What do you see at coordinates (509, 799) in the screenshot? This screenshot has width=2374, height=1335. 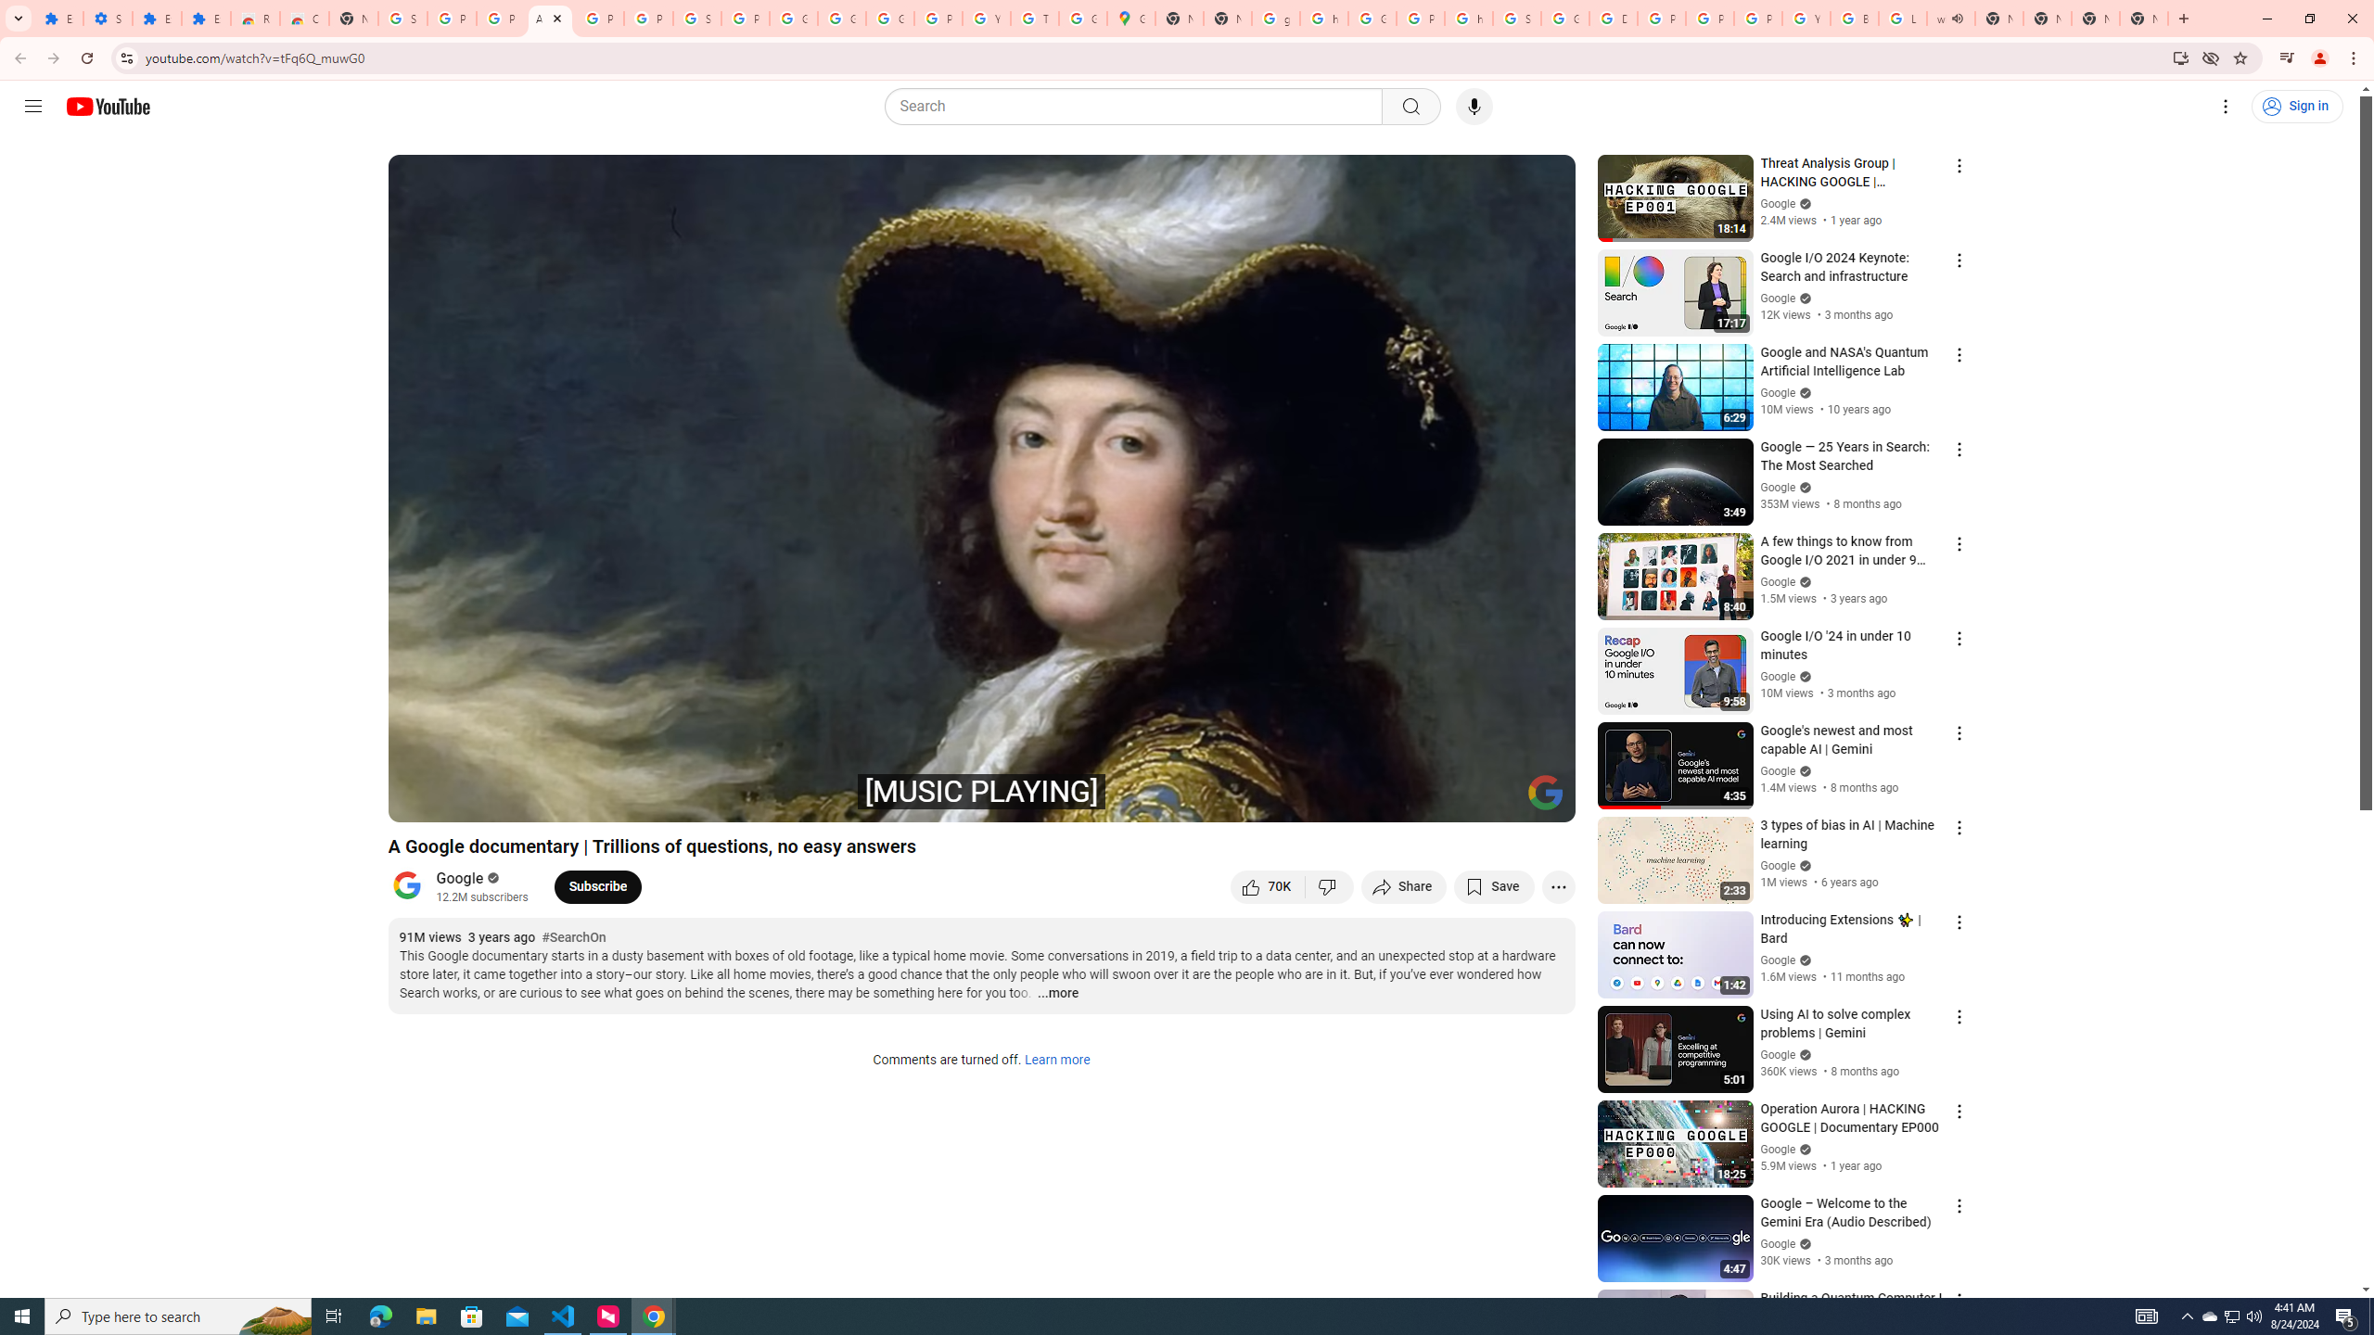 I see `'Mute (m)'` at bounding box center [509, 799].